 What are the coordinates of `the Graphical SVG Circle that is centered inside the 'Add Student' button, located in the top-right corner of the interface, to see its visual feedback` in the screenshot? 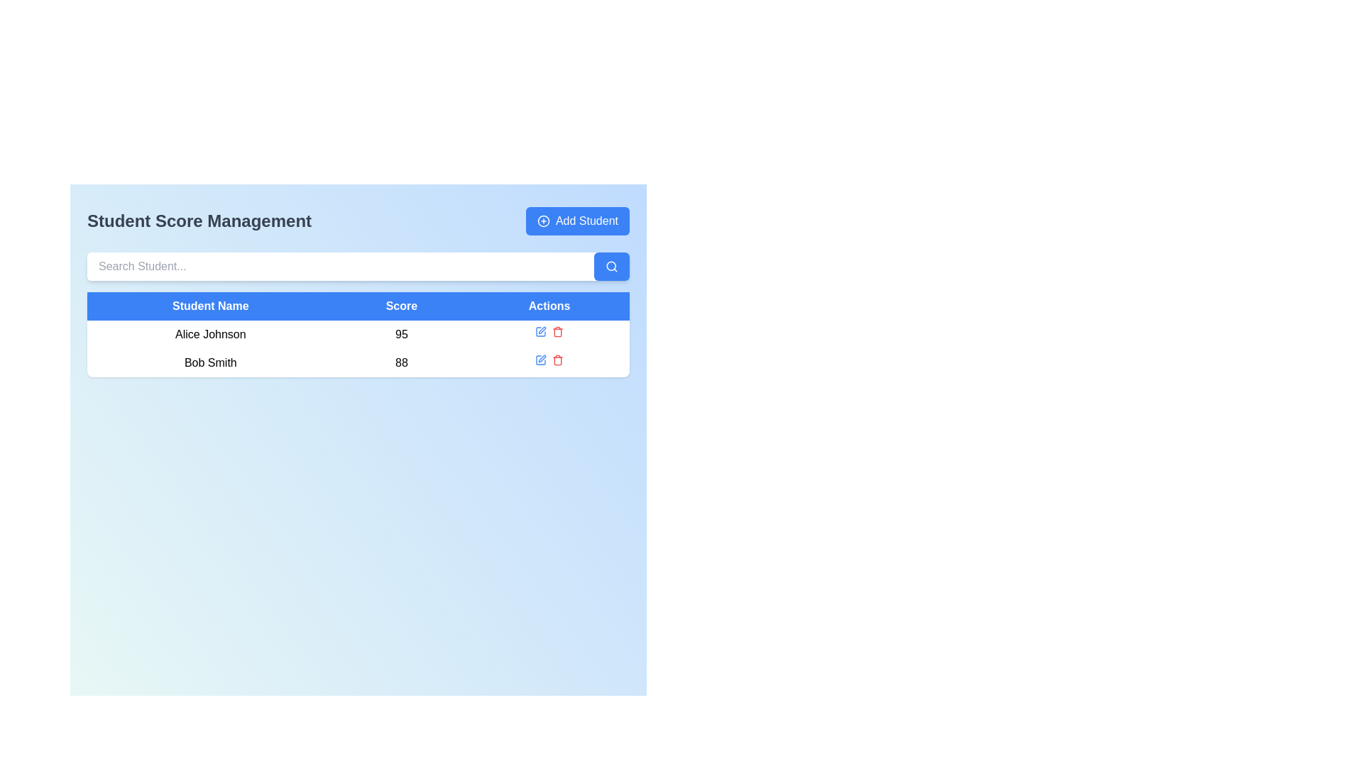 It's located at (542, 221).